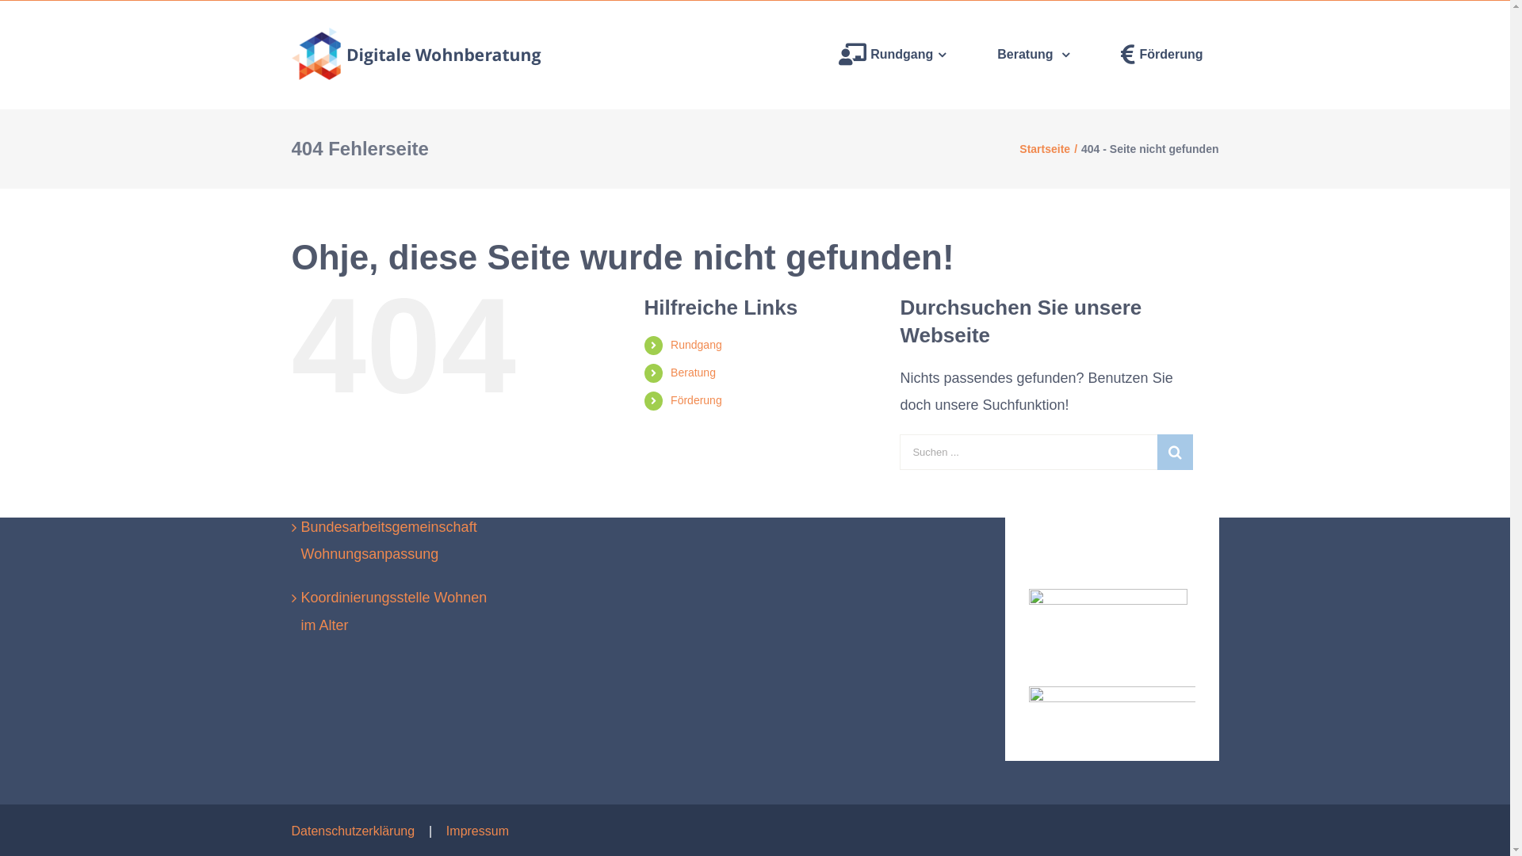 The image size is (1522, 856). Describe the element at coordinates (476, 830) in the screenshot. I see `'Impressum'` at that location.